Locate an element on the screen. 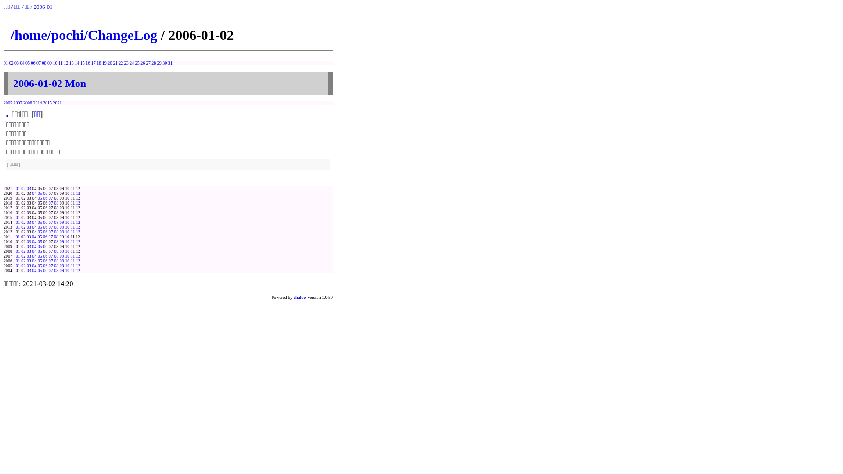  '12' is located at coordinates (78, 222).